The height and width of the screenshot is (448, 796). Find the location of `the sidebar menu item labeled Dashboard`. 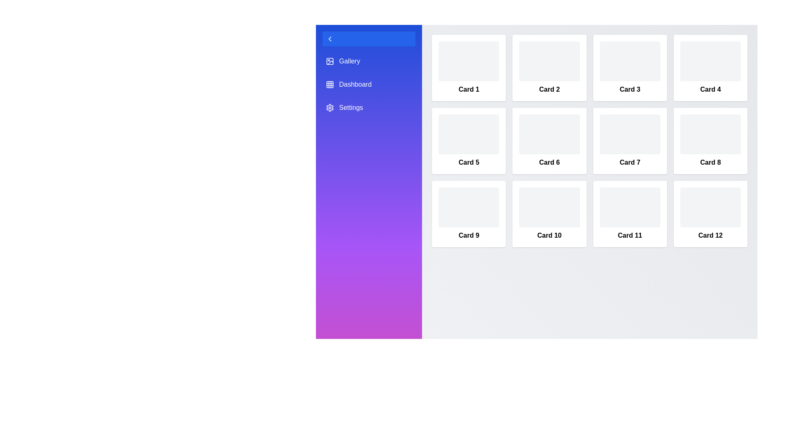

the sidebar menu item labeled Dashboard is located at coordinates (368, 85).